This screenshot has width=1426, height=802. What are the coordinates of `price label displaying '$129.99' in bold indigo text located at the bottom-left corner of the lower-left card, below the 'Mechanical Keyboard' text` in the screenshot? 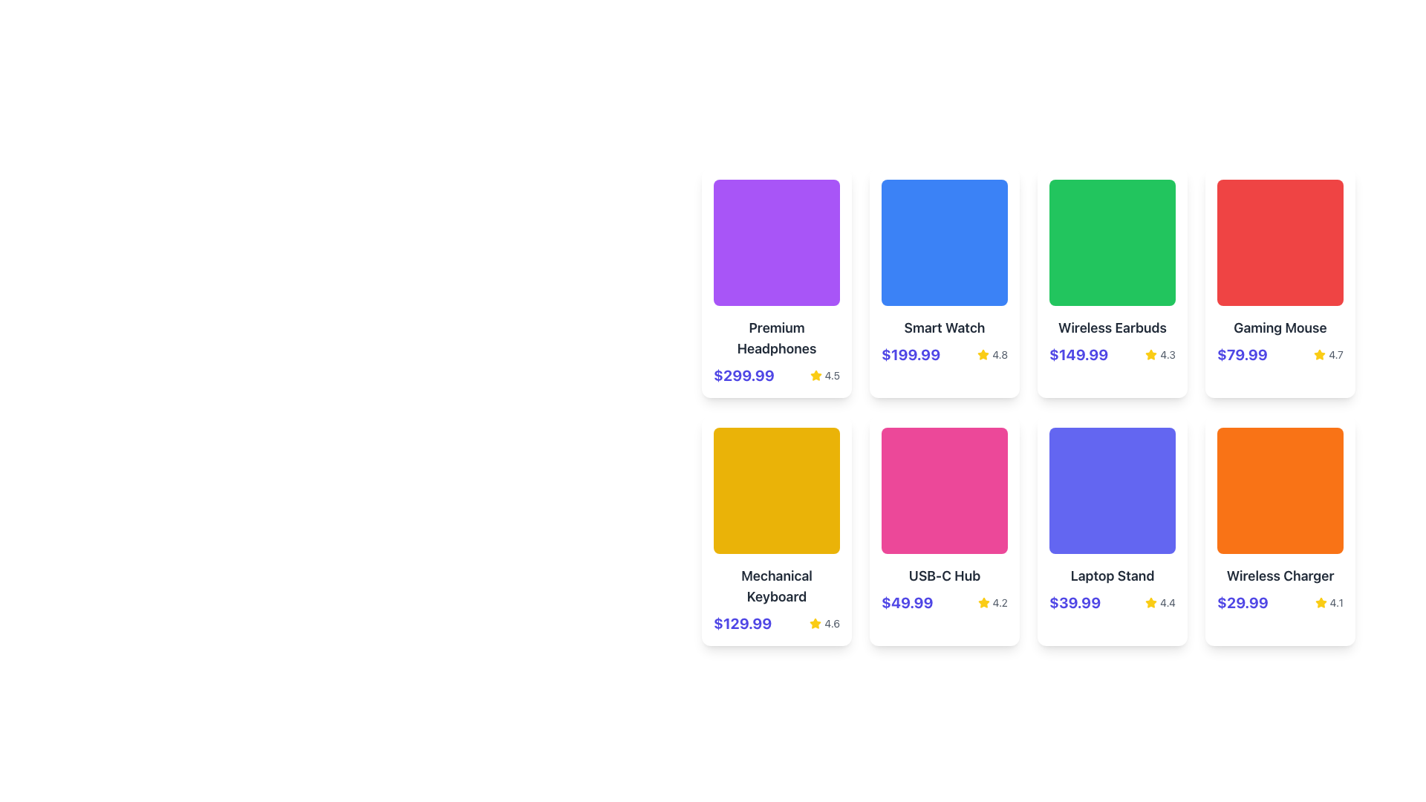 It's located at (743, 624).